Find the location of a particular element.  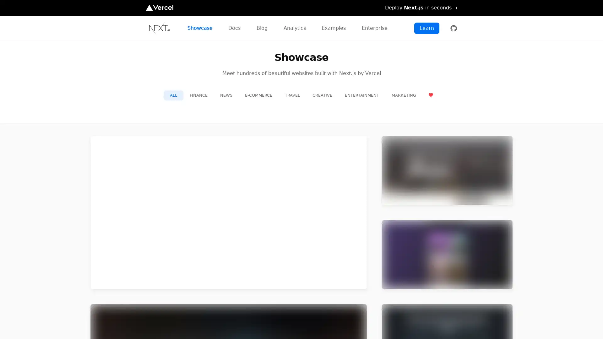

NEWS is located at coordinates (226, 95).